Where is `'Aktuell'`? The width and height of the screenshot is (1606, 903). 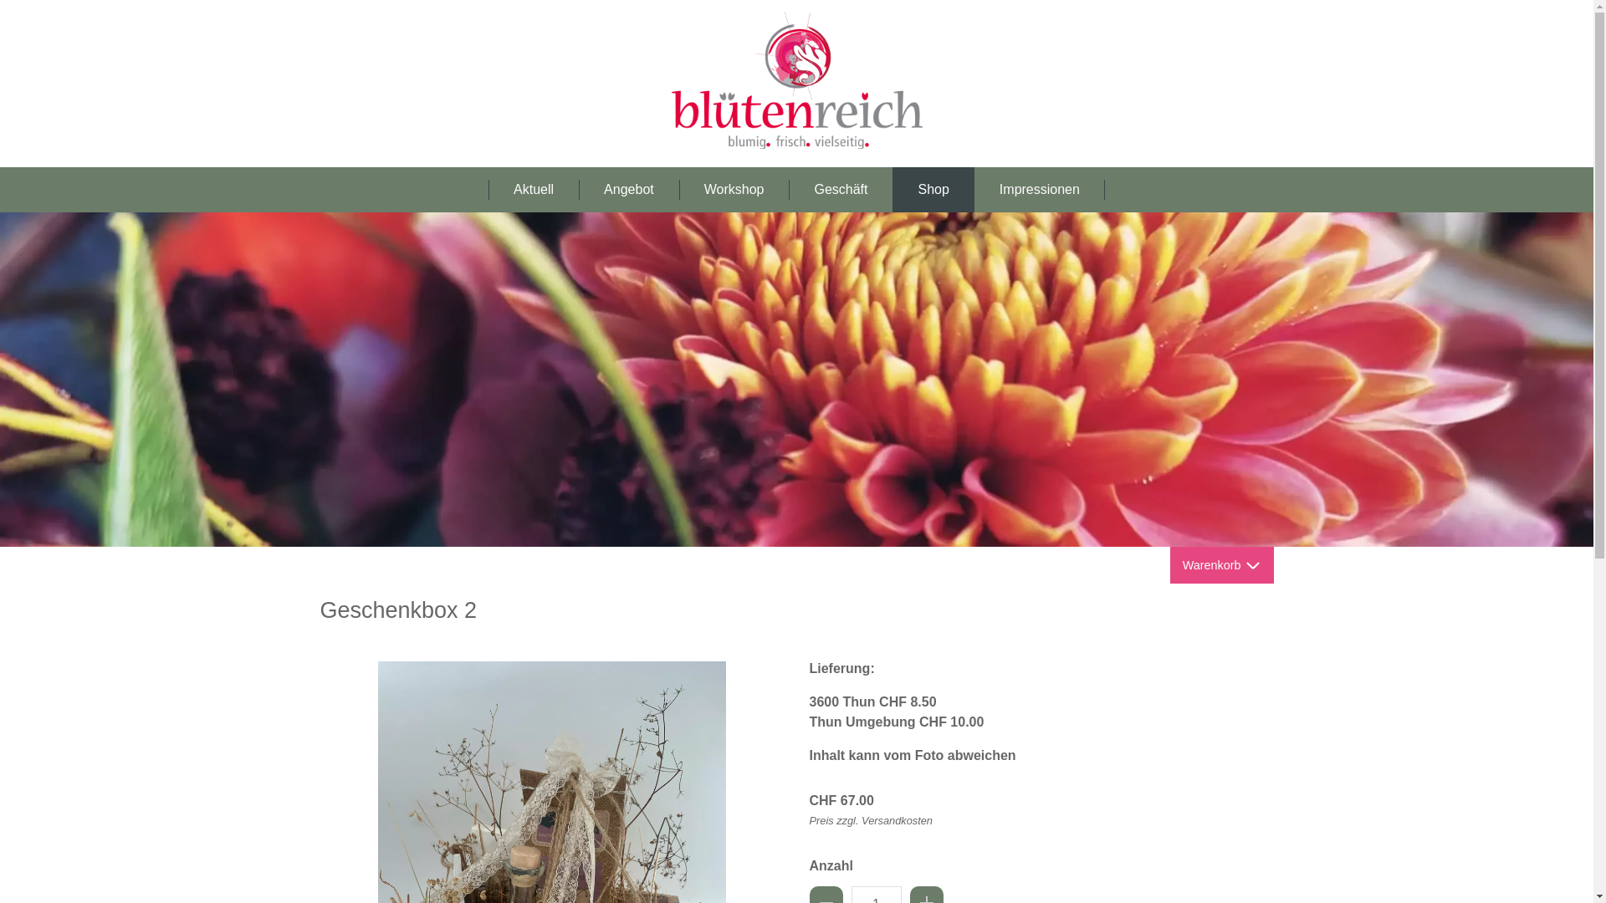 'Aktuell' is located at coordinates (533, 189).